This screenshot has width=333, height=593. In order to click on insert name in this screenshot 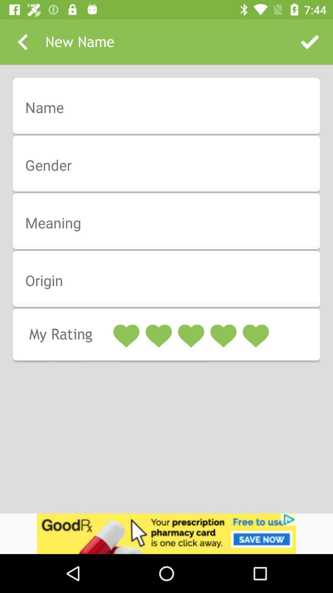, I will do `click(171, 108)`.